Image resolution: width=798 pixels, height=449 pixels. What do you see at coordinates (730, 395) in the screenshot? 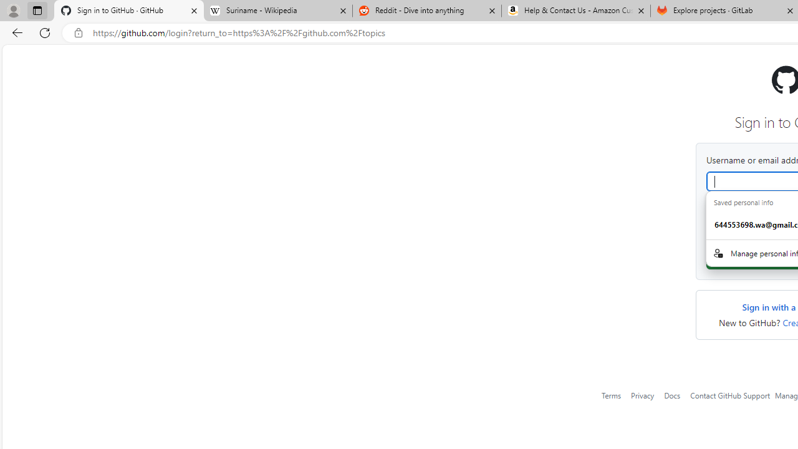
I see `'Contact GitHub Support'` at bounding box center [730, 395].